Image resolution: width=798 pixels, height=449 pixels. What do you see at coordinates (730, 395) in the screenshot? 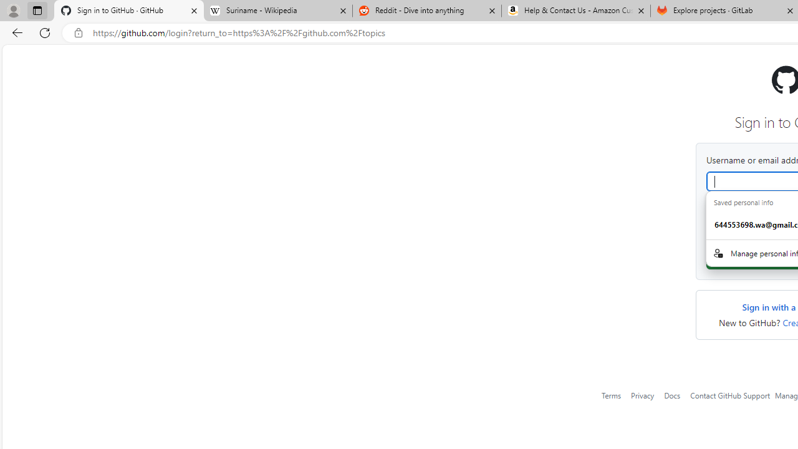
I see `'Contact GitHub Support'` at bounding box center [730, 395].